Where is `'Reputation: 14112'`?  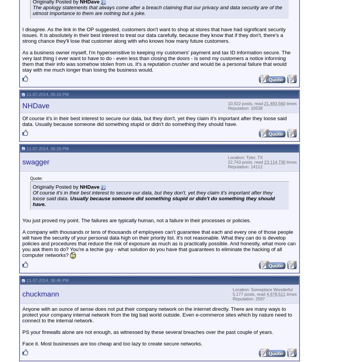 'Reputation: 14112' is located at coordinates (244, 166).